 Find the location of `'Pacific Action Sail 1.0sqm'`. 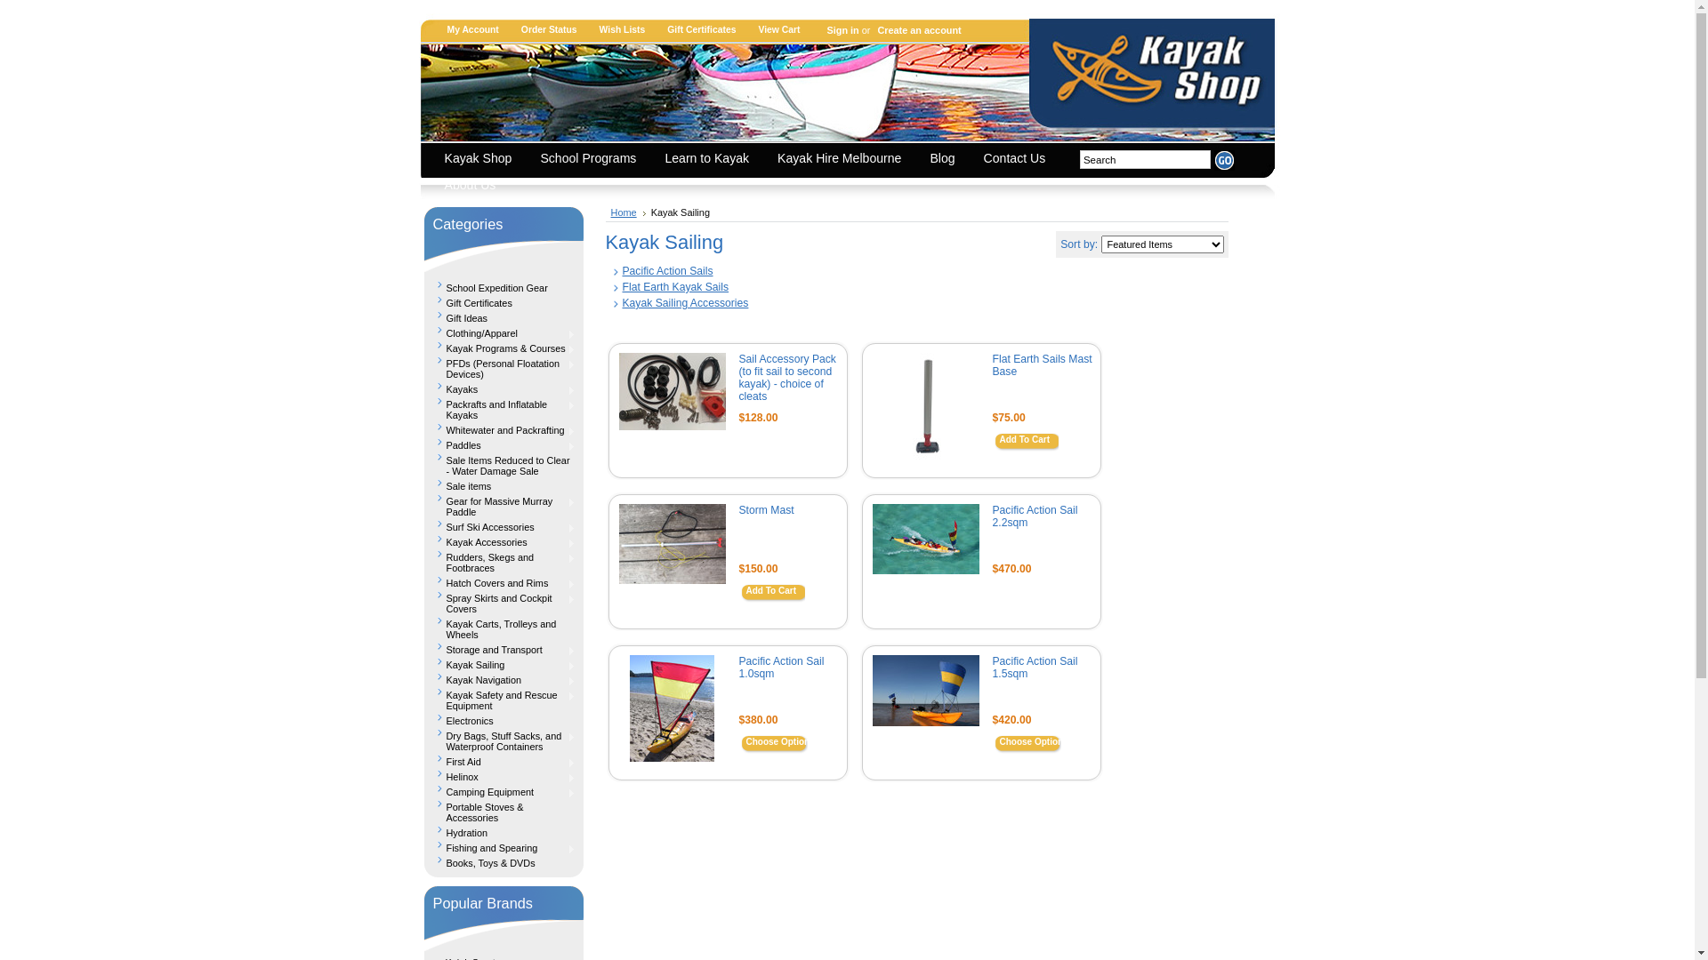

'Pacific Action Sail 1.0sqm' is located at coordinates (781, 668).